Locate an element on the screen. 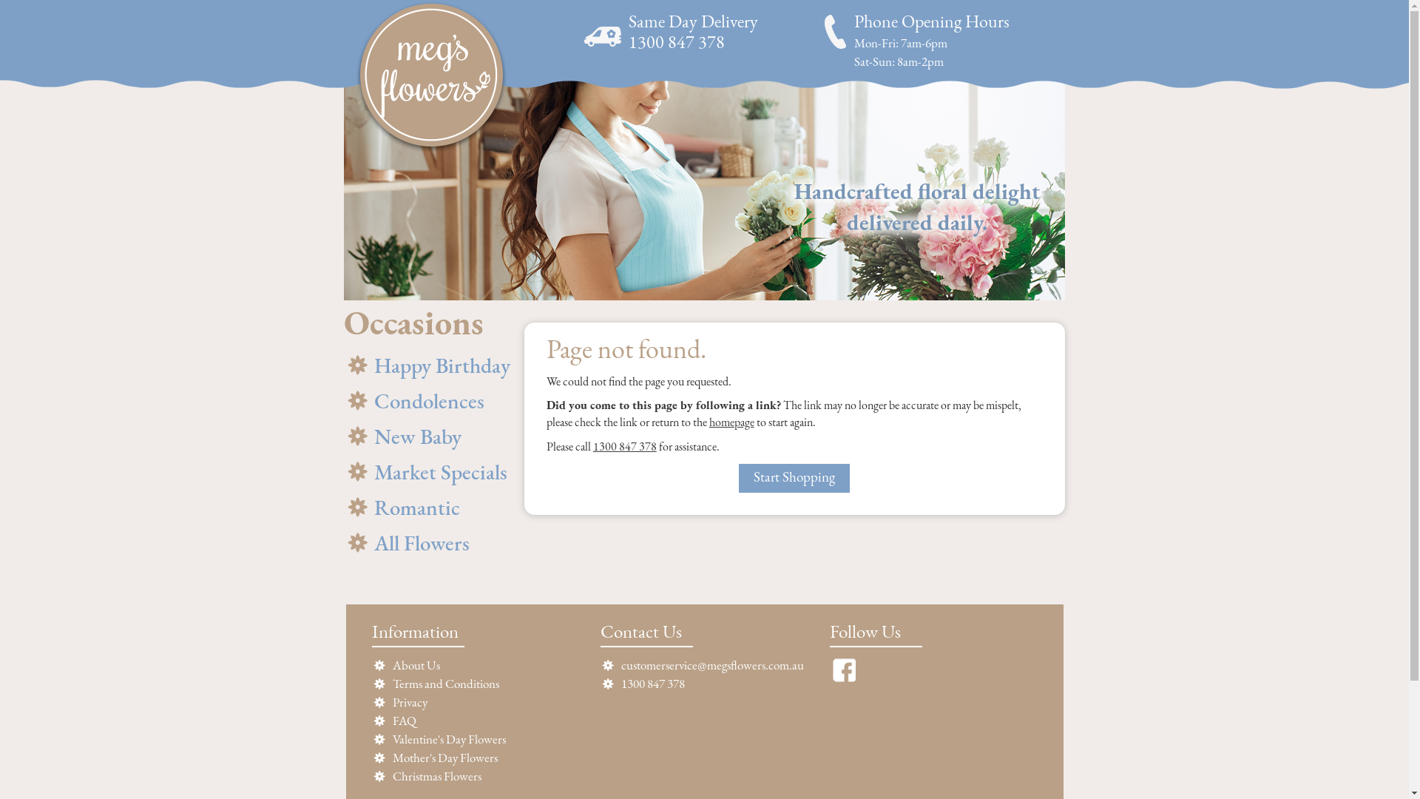 The image size is (1420, 799). 'Privacy' is located at coordinates (409, 702).